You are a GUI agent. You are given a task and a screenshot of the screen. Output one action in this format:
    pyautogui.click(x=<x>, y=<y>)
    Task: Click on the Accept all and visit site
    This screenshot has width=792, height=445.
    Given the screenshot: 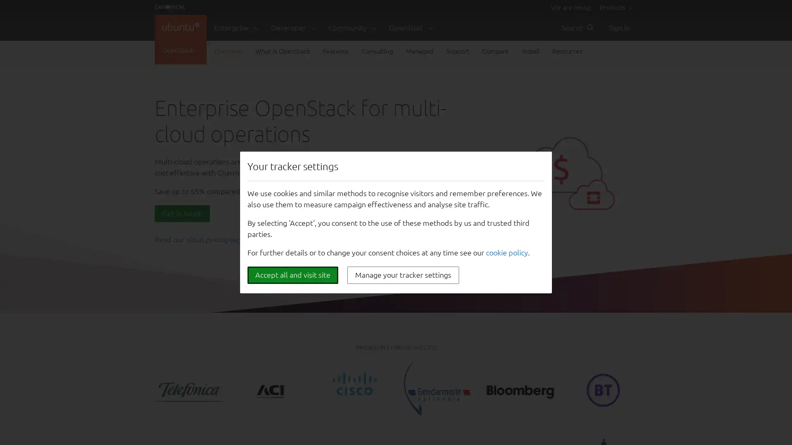 What is the action you would take?
    pyautogui.click(x=293, y=275)
    